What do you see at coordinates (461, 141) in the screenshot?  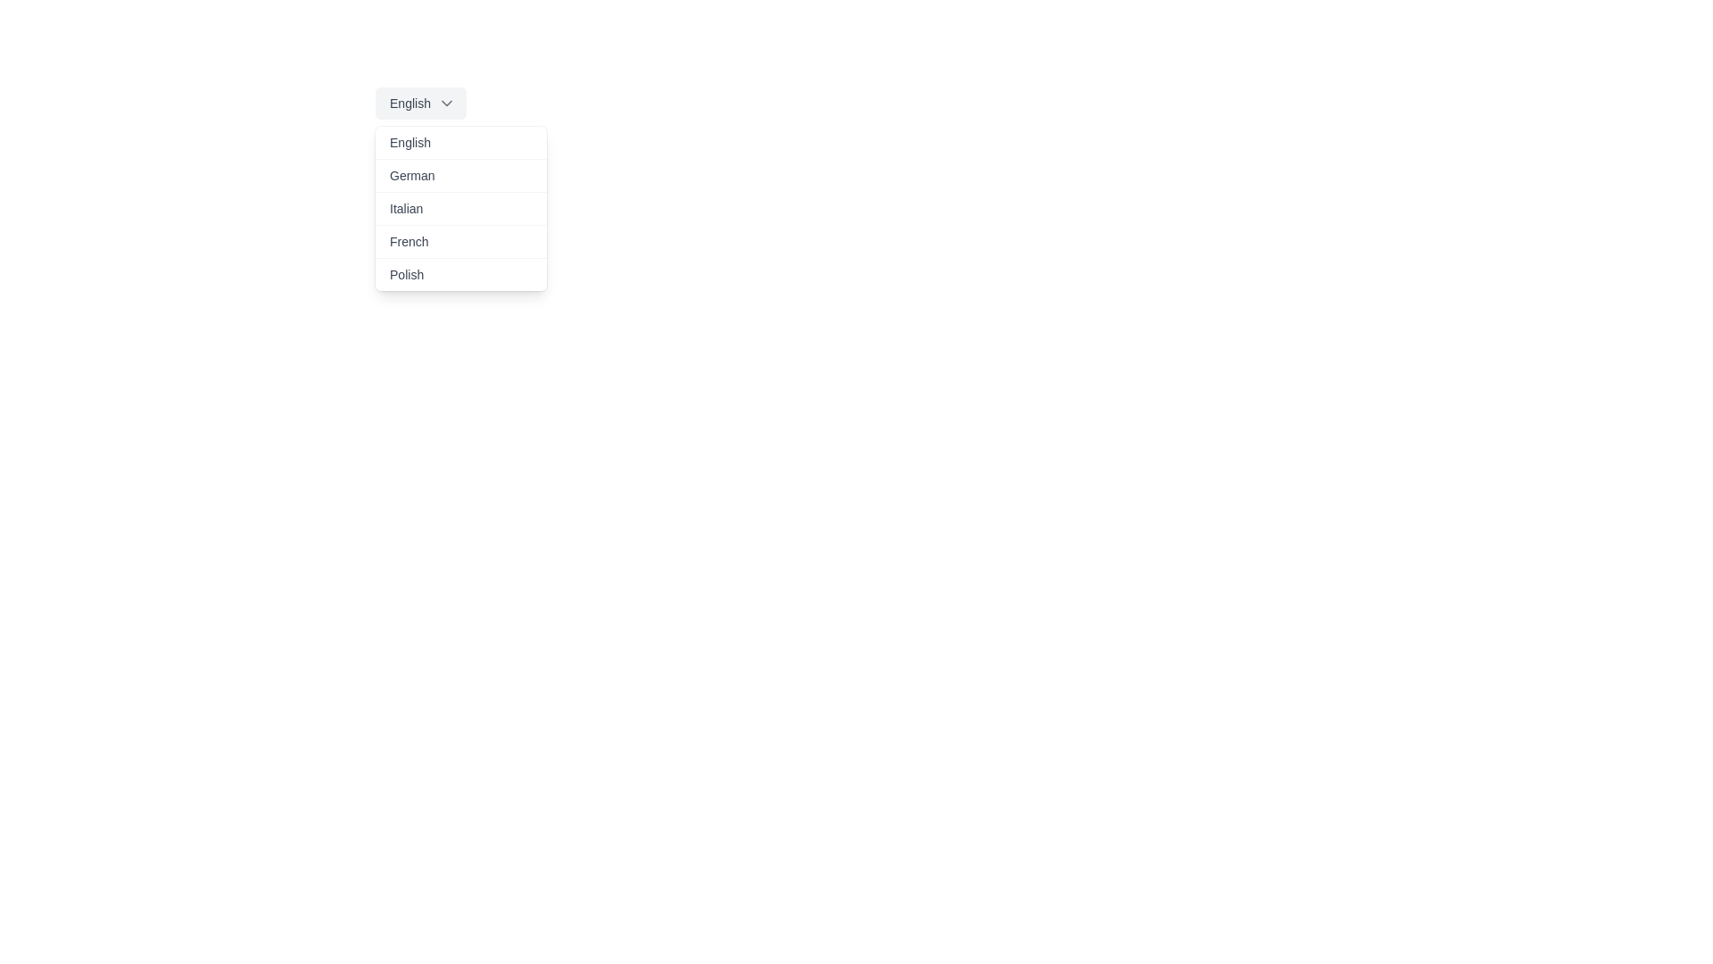 I see `the first option in the dropdown menu` at bounding box center [461, 141].